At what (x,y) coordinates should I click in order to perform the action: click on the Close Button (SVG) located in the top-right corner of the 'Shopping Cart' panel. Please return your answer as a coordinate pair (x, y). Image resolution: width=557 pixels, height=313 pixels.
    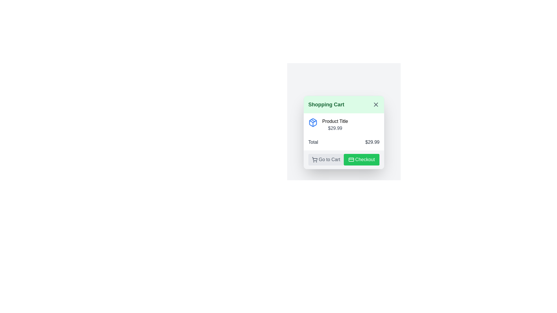
    Looking at the image, I should click on (376, 105).